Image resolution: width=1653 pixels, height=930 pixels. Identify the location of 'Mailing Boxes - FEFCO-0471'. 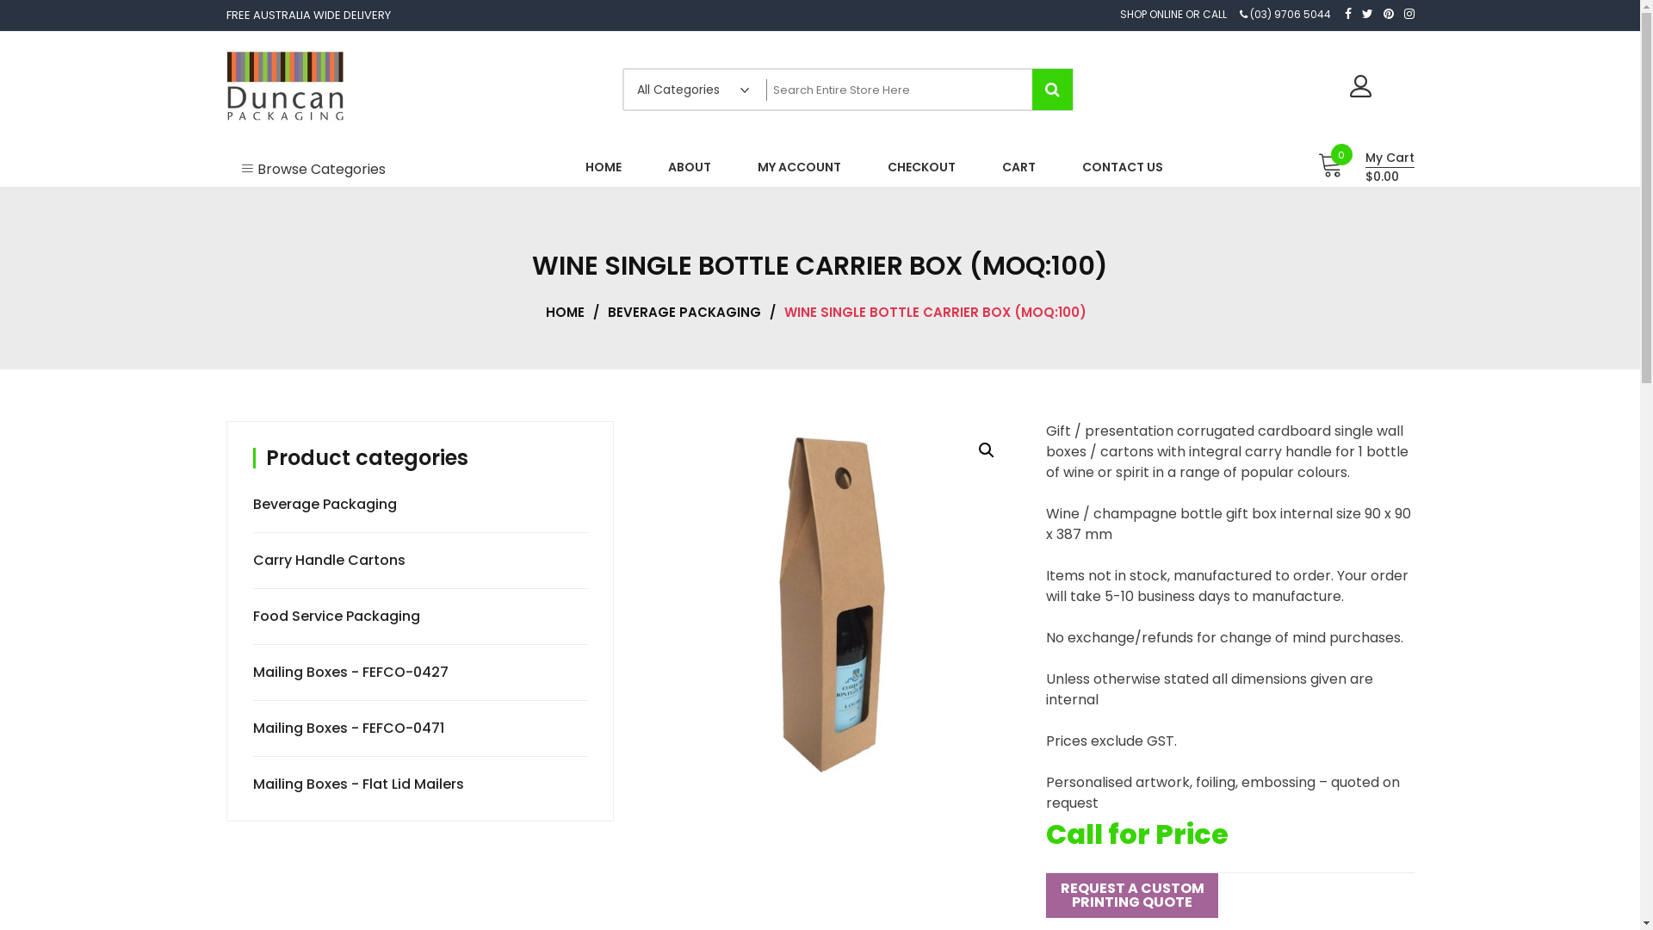
(350, 728).